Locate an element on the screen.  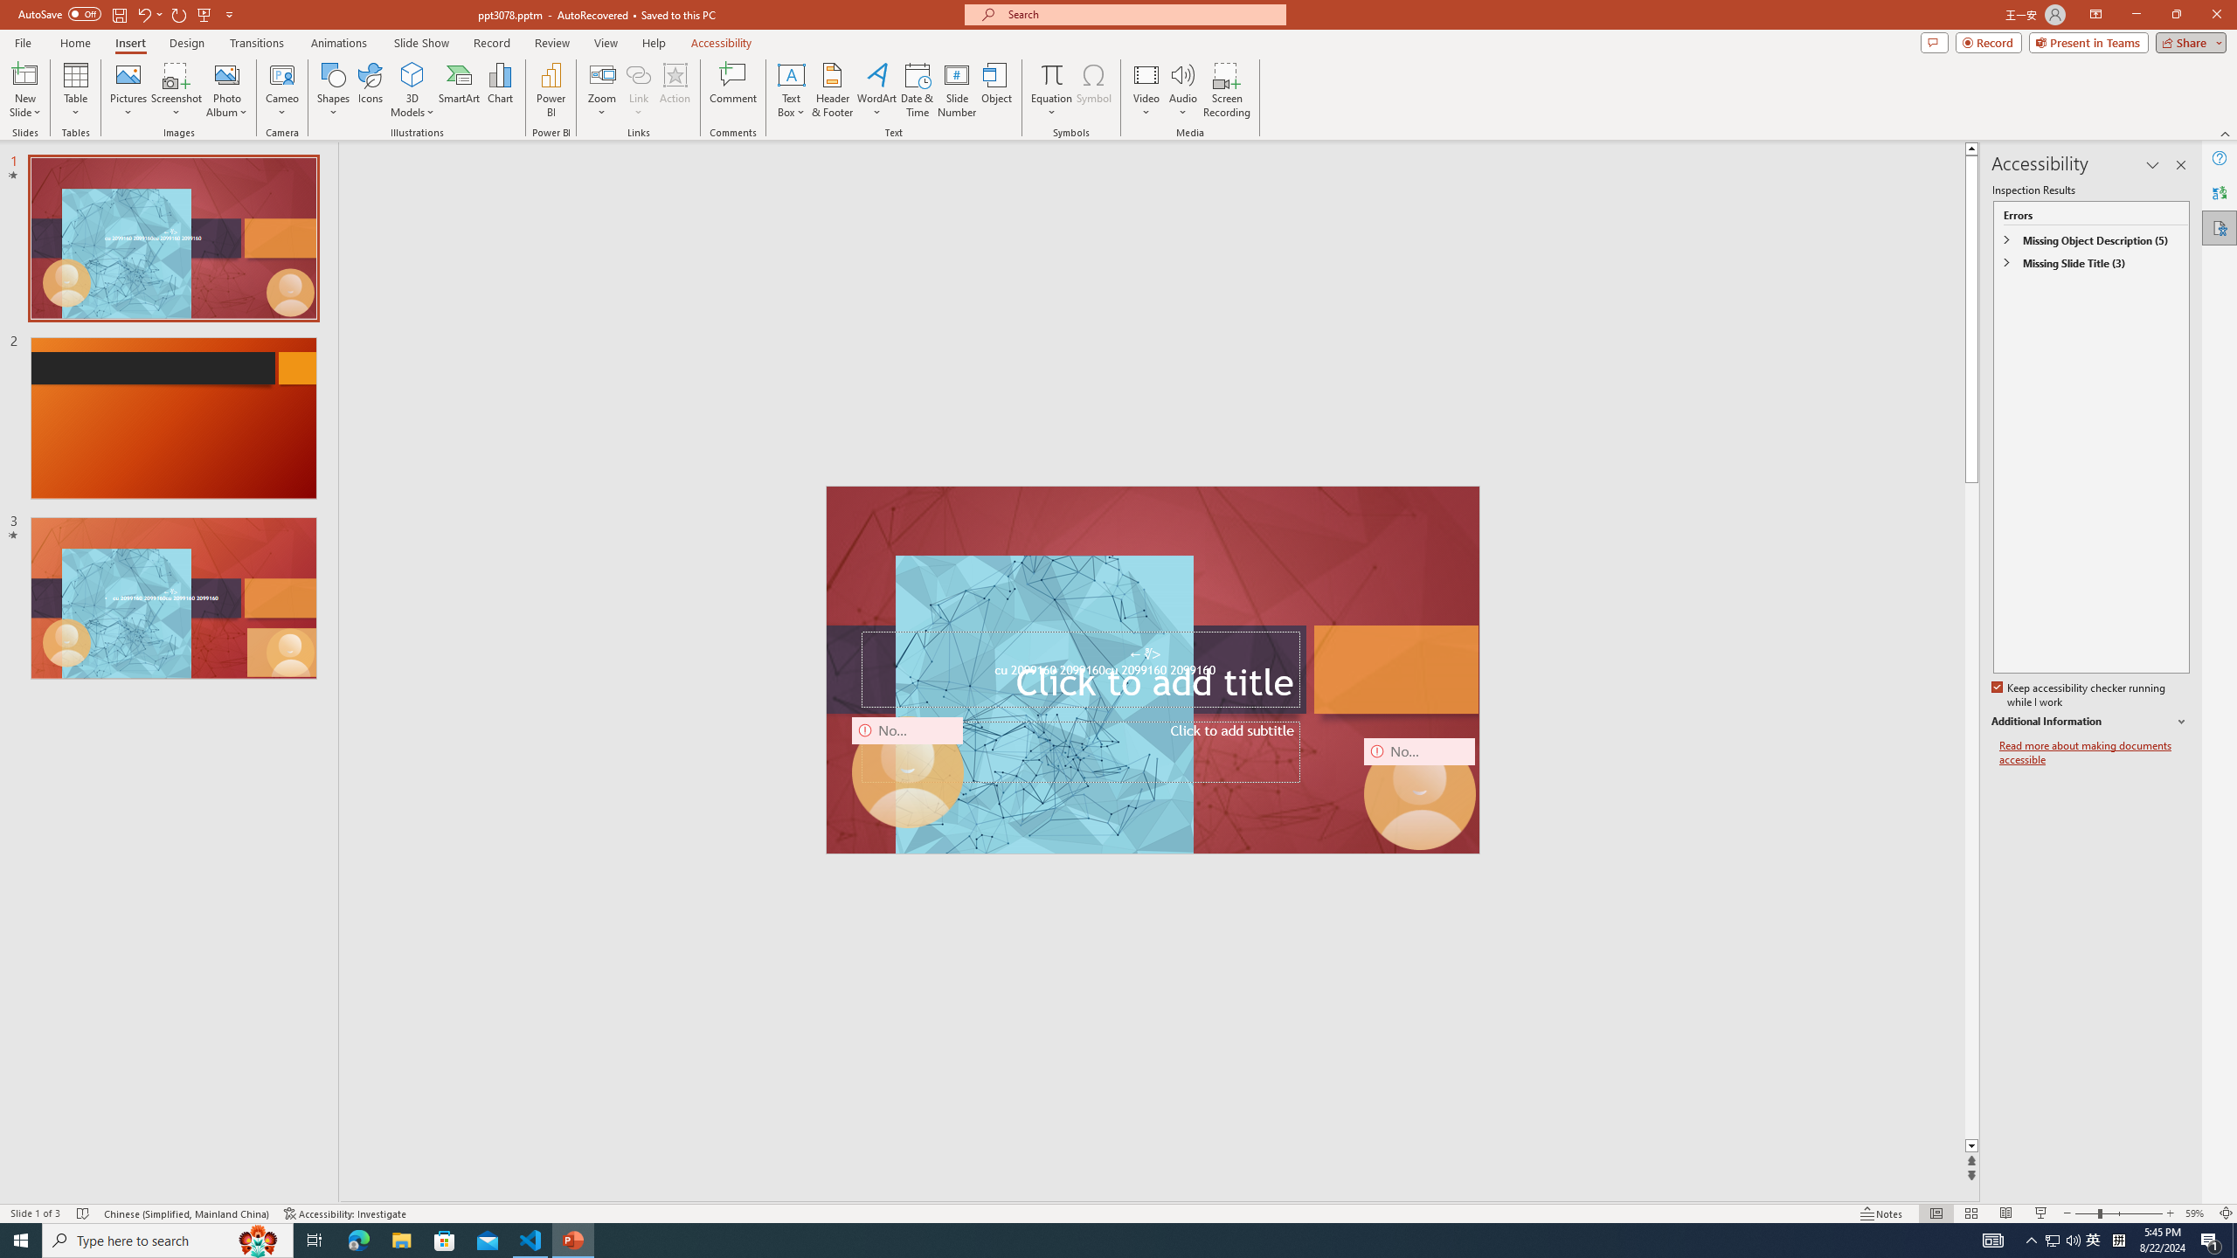
'Chart...' is located at coordinates (500, 90).